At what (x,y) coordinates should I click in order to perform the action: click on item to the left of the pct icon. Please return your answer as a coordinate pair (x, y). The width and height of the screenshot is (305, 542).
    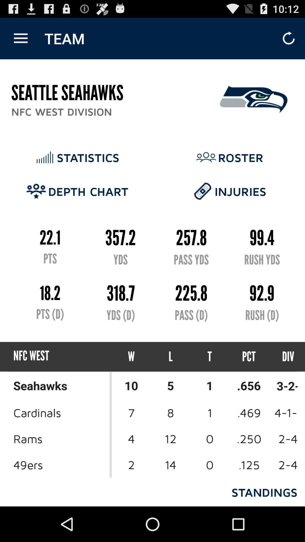
    Looking at the image, I should click on (210, 356).